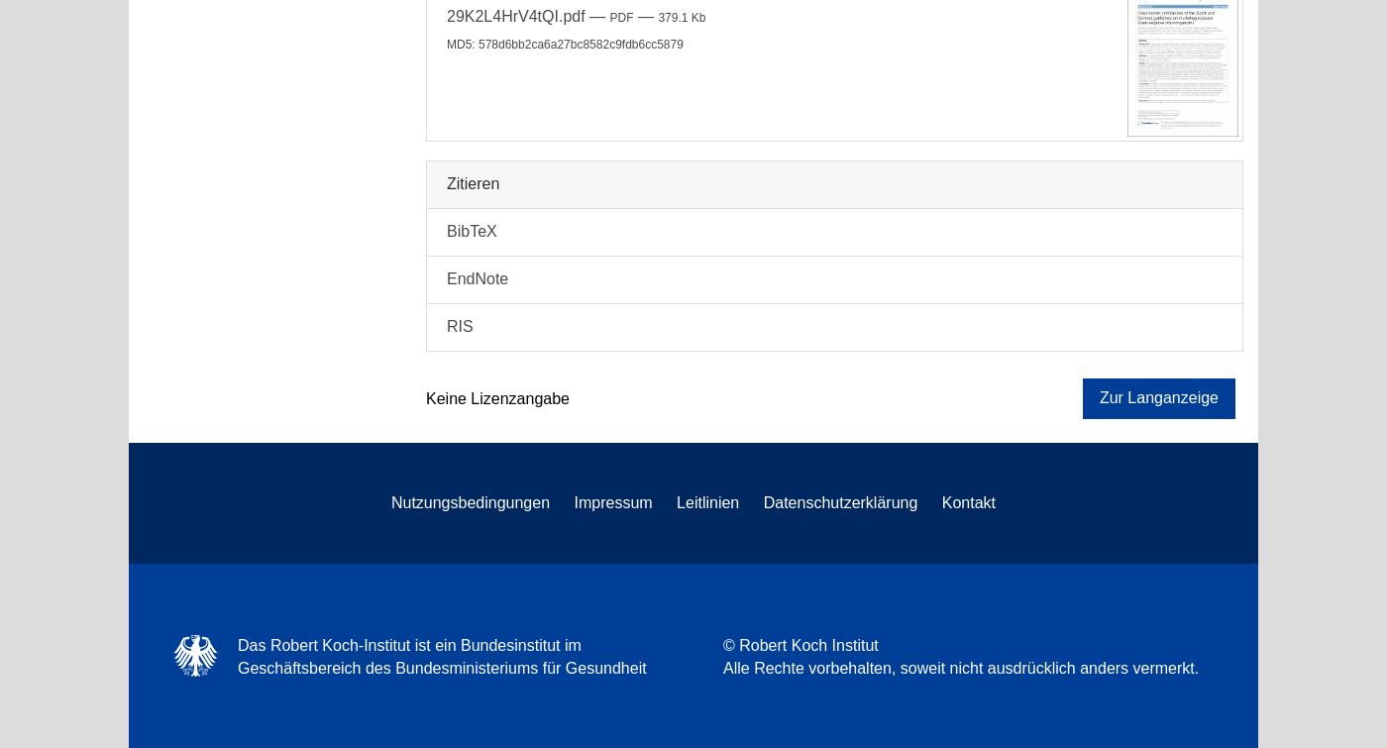 Image resolution: width=1387 pixels, height=748 pixels. Describe the element at coordinates (800, 644) in the screenshot. I see `'© Robert Koch Institut'` at that location.